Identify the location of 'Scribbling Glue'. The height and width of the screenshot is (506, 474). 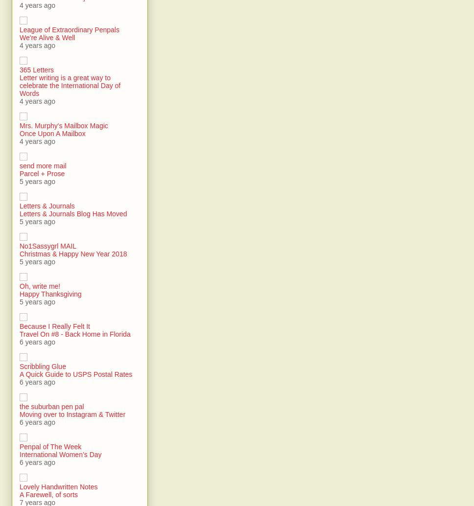
(43, 367).